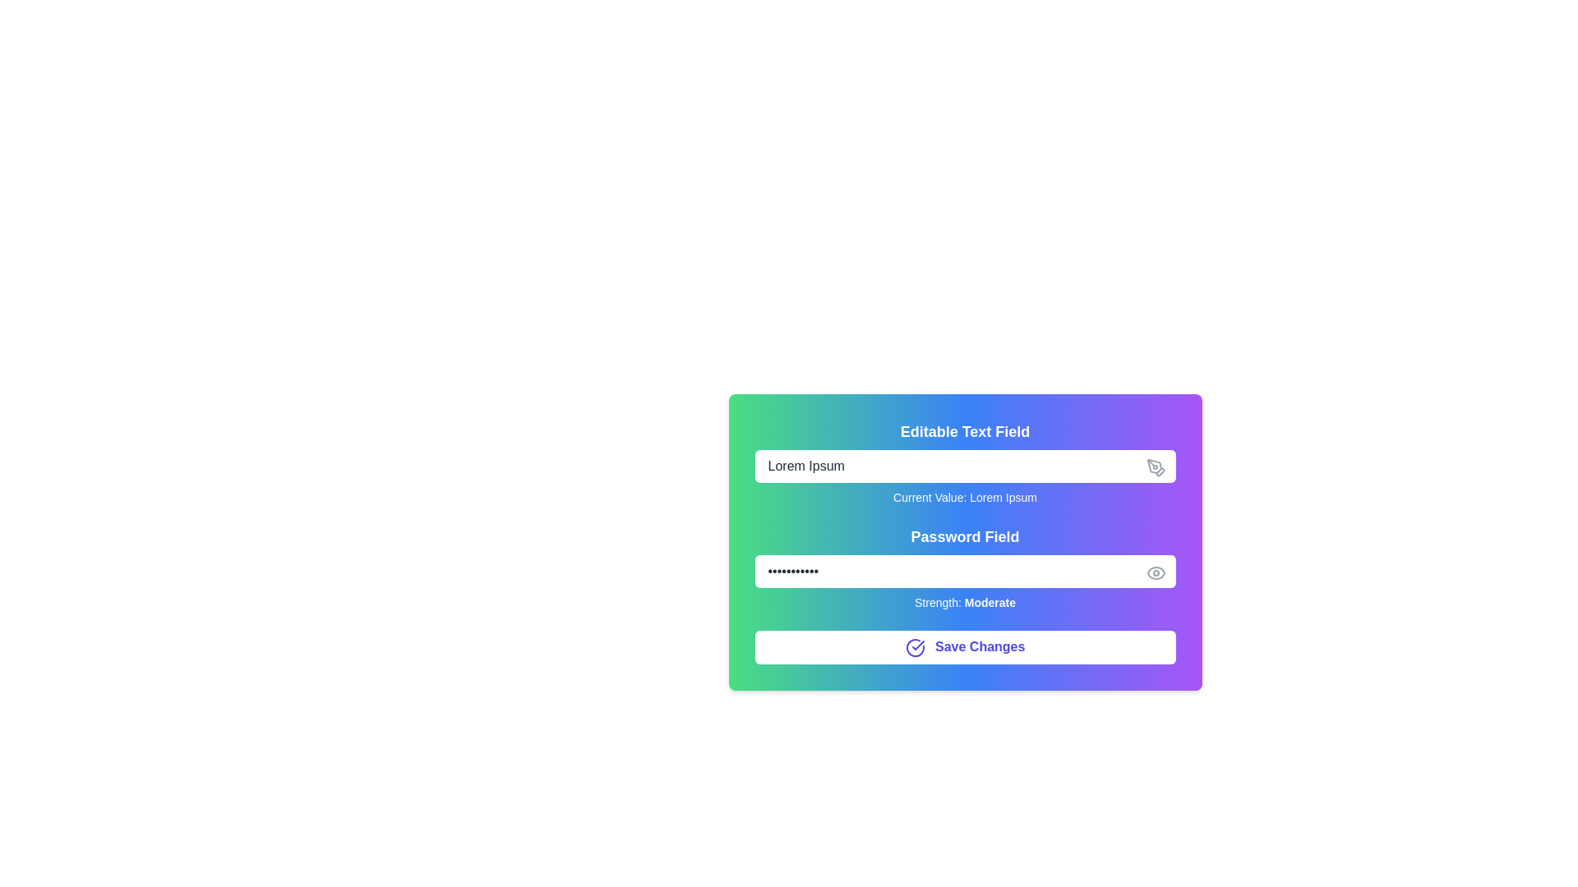 This screenshot has height=887, width=1578. What do you see at coordinates (1155, 468) in the screenshot?
I see `the small gray icon button resembling a pen tool located at the top-right corner of the white text input field to initiate edit mode` at bounding box center [1155, 468].